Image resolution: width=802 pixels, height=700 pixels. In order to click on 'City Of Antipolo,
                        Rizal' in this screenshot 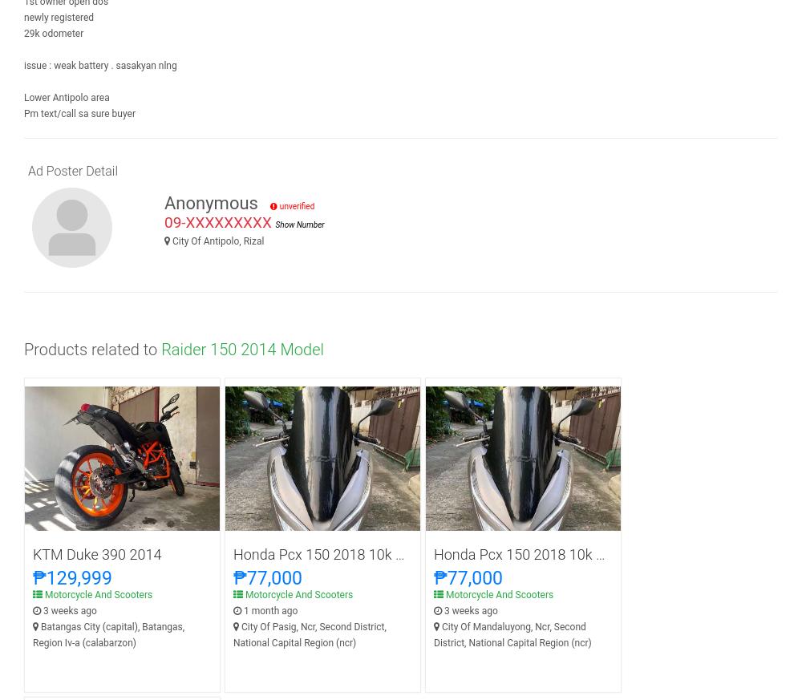, I will do `click(171, 241)`.